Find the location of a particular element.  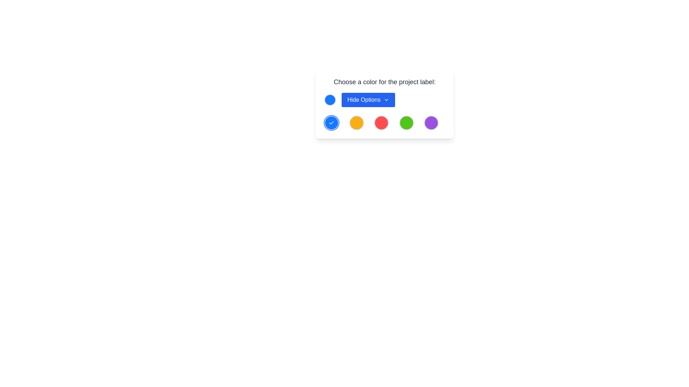

the color selection circles in the Grid Layout is located at coordinates (384, 123).